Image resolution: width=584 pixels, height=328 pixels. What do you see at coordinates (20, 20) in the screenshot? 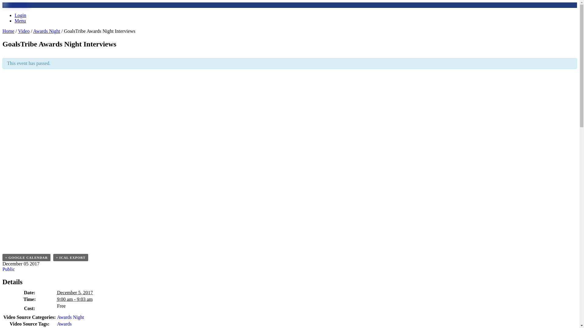
I see `'Menu'` at bounding box center [20, 20].